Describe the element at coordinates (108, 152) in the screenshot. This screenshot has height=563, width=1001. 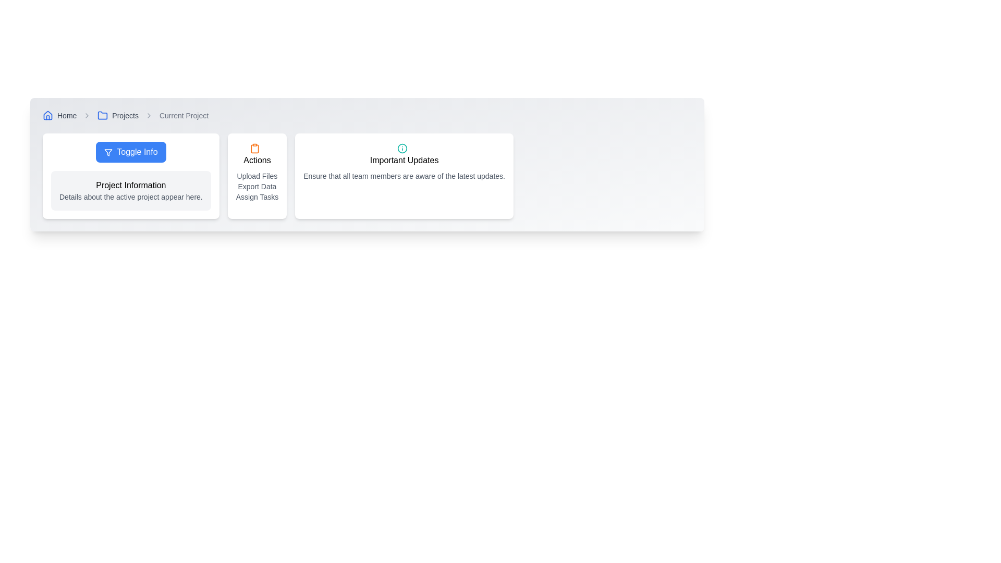
I see `the decorative icon in the 'Toggle Info' button located in the first card of the row, enhancing its meaning or indicating its functionality` at that location.